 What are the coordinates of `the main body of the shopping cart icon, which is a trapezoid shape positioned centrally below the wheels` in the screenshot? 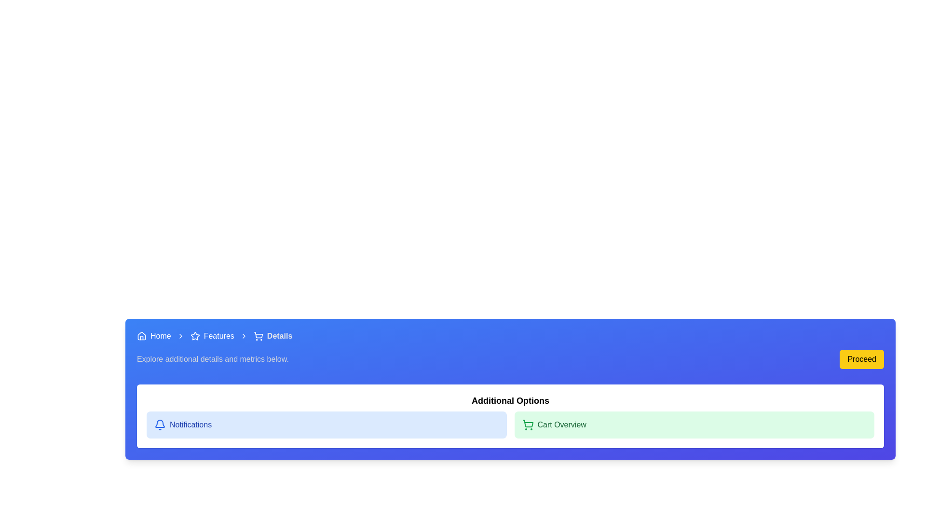 It's located at (258, 334).